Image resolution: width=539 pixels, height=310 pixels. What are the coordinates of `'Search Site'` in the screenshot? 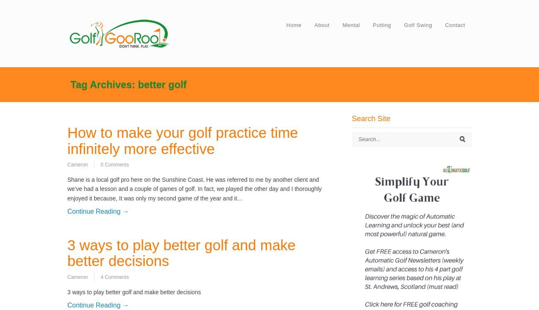 It's located at (370, 119).